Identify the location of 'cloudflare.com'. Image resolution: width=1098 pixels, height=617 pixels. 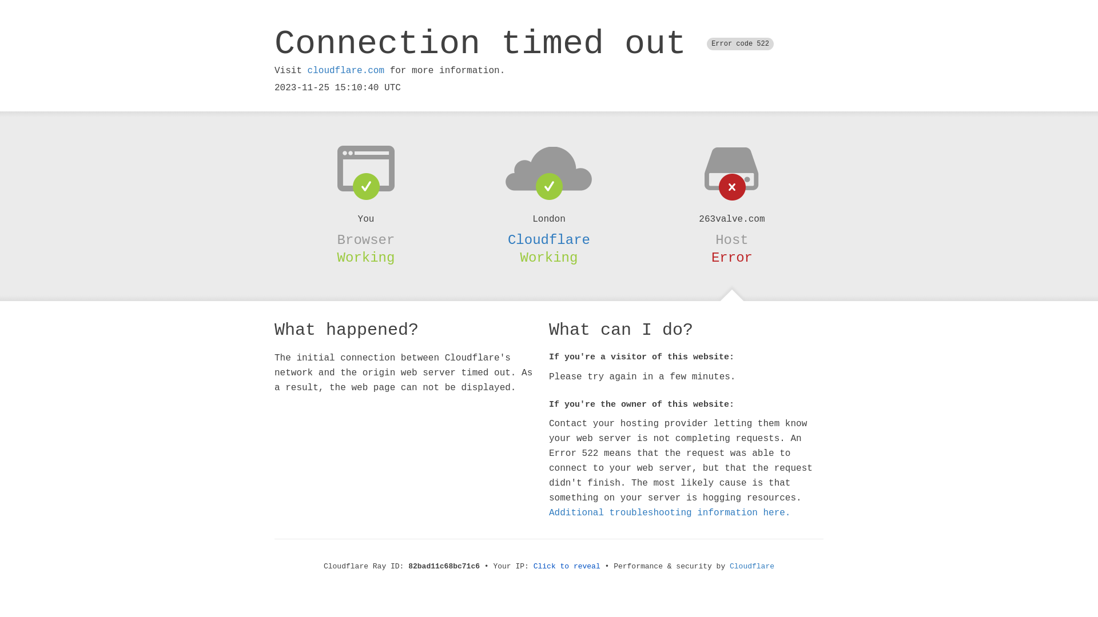
(345, 70).